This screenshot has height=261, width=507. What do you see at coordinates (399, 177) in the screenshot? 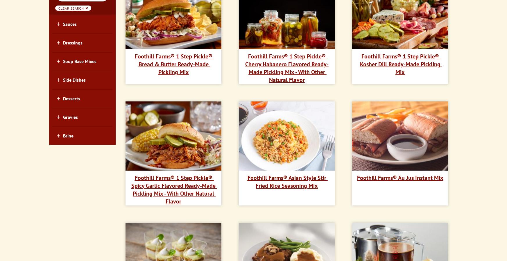
I see `'Foothill Farms® Au Jus Instant Mix'` at bounding box center [399, 177].